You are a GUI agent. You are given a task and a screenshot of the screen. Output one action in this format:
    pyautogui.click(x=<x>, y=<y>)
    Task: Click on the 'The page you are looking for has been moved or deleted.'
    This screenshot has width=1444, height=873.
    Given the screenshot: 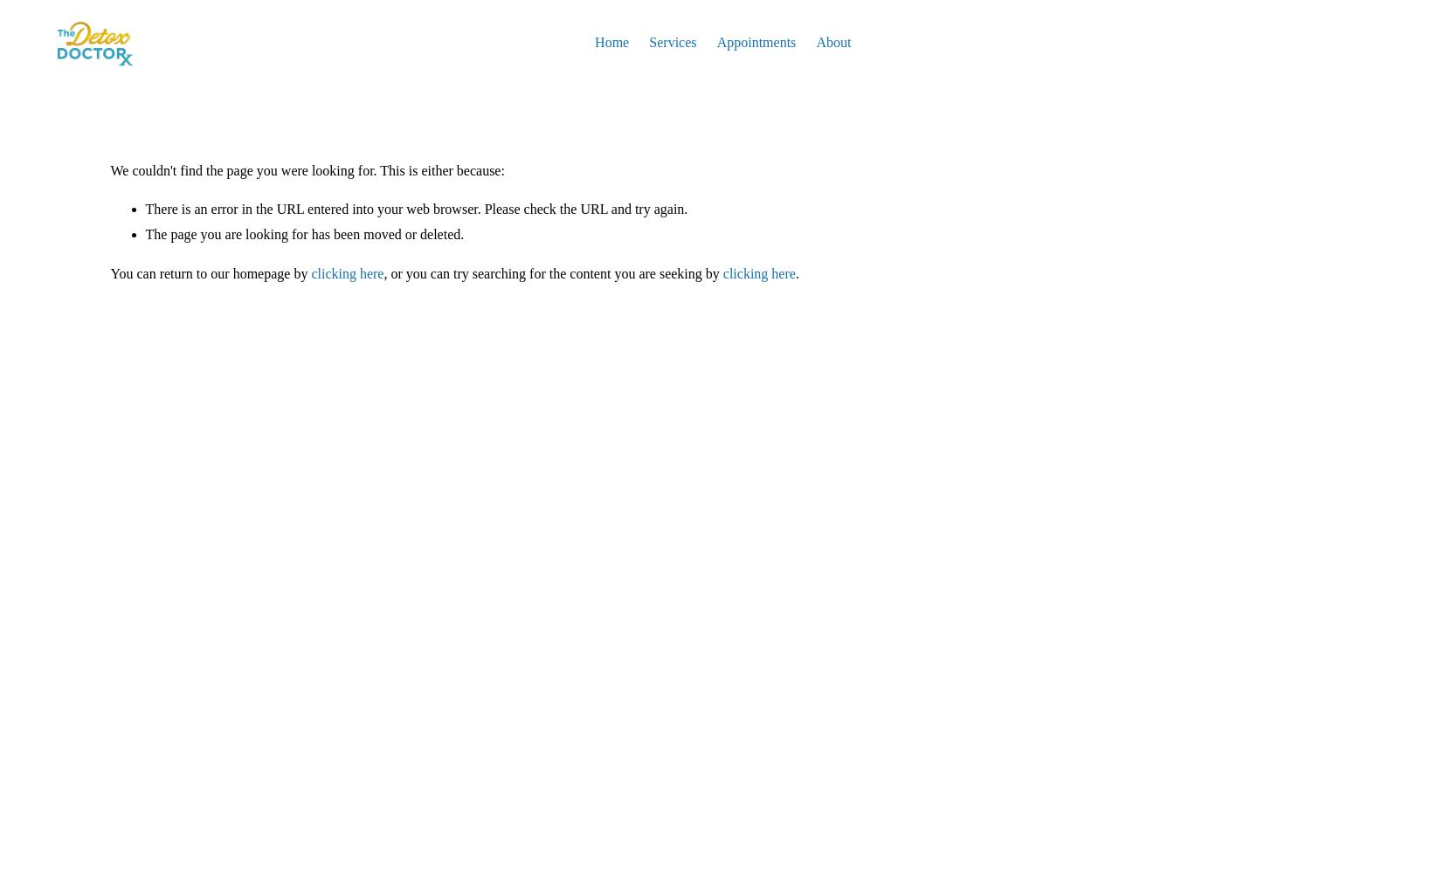 What is the action you would take?
    pyautogui.click(x=303, y=234)
    